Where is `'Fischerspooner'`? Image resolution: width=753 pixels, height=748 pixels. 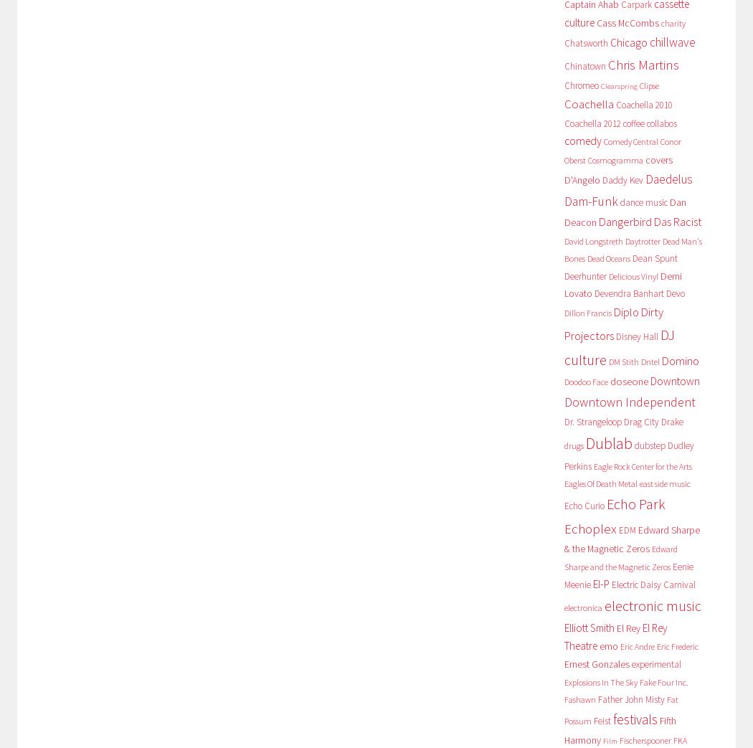
'Fischerspooner' is located at coordinates (644, 740).